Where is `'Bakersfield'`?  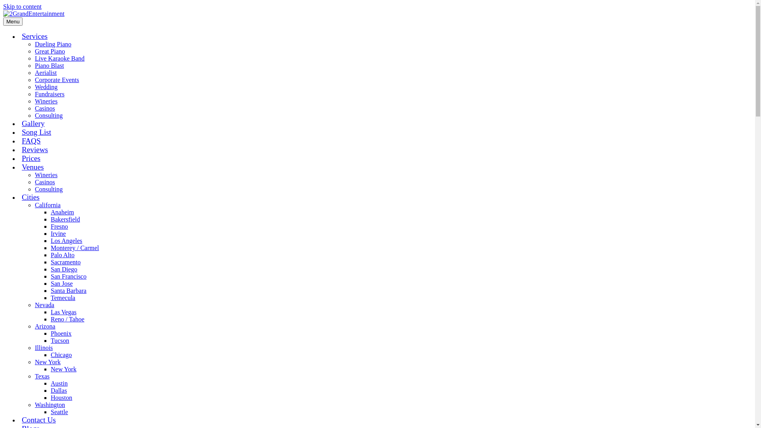
'Bakersfield' is located at coordinates (65, 219).